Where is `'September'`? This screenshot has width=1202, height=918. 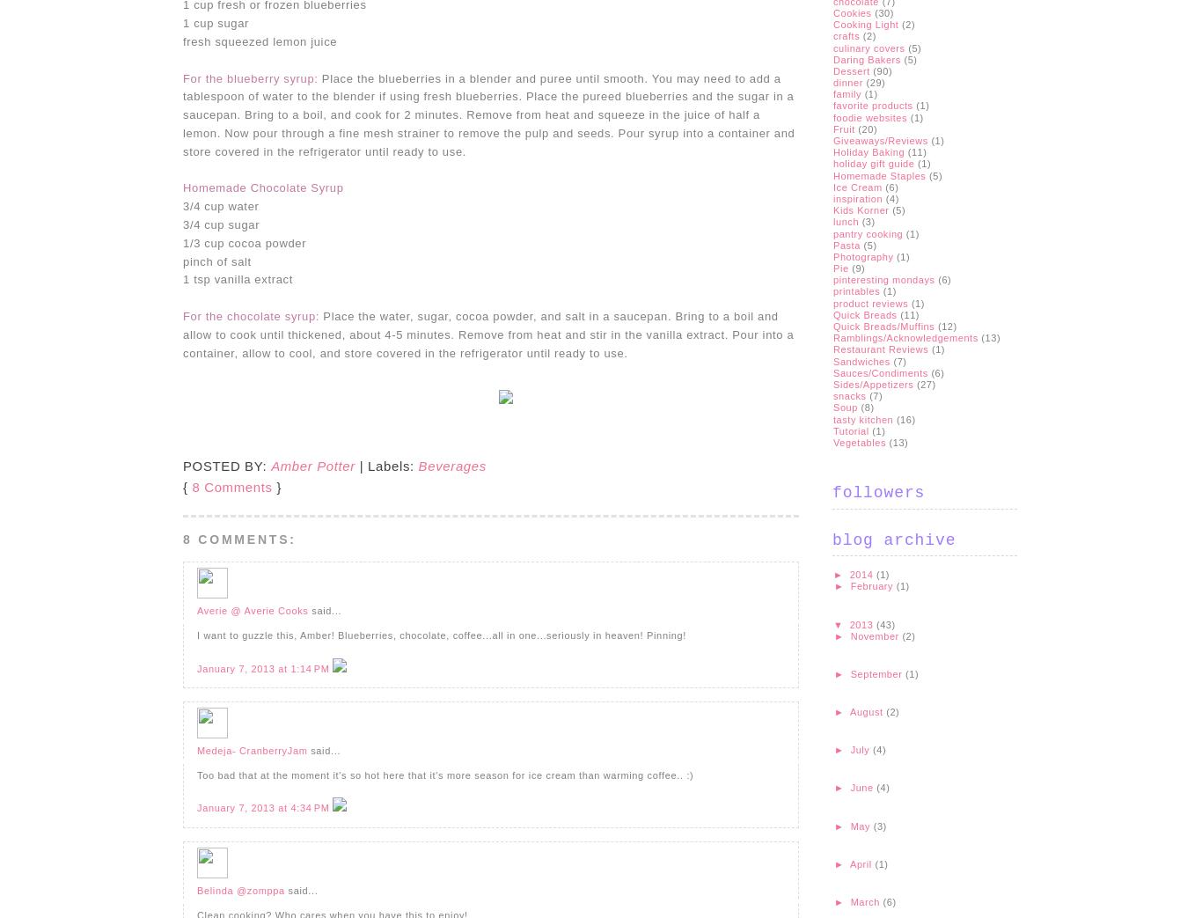 'September' is located at coordinates (877, 672).